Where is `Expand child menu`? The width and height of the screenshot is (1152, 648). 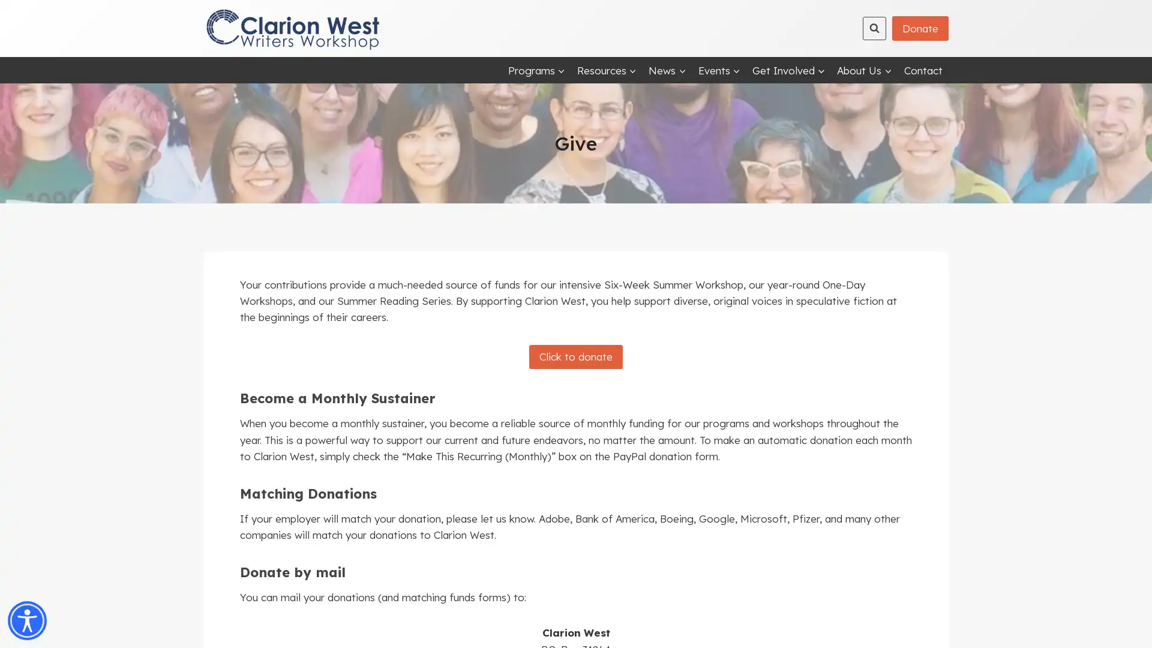
Expand child menu is located at coordinates (535, 70).